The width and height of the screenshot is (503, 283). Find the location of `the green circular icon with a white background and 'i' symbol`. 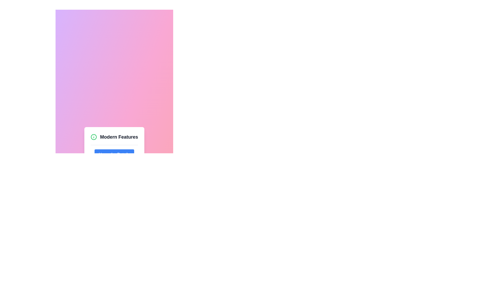

the green circular icon with a white background and 'i' symbol is located at coordinates (94, 137).